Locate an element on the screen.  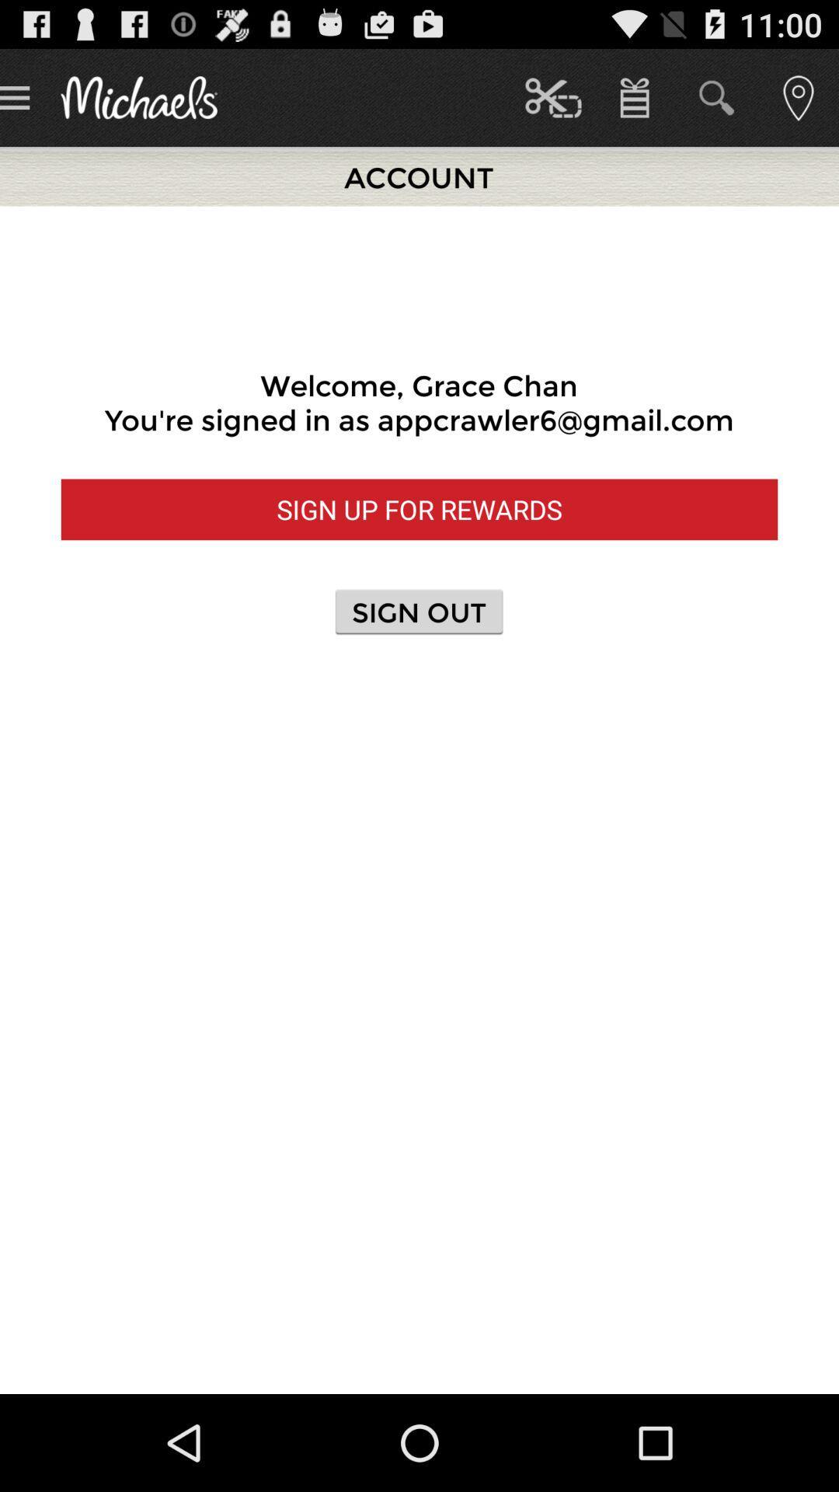
sign up for item is located at coordinates (419, 509).